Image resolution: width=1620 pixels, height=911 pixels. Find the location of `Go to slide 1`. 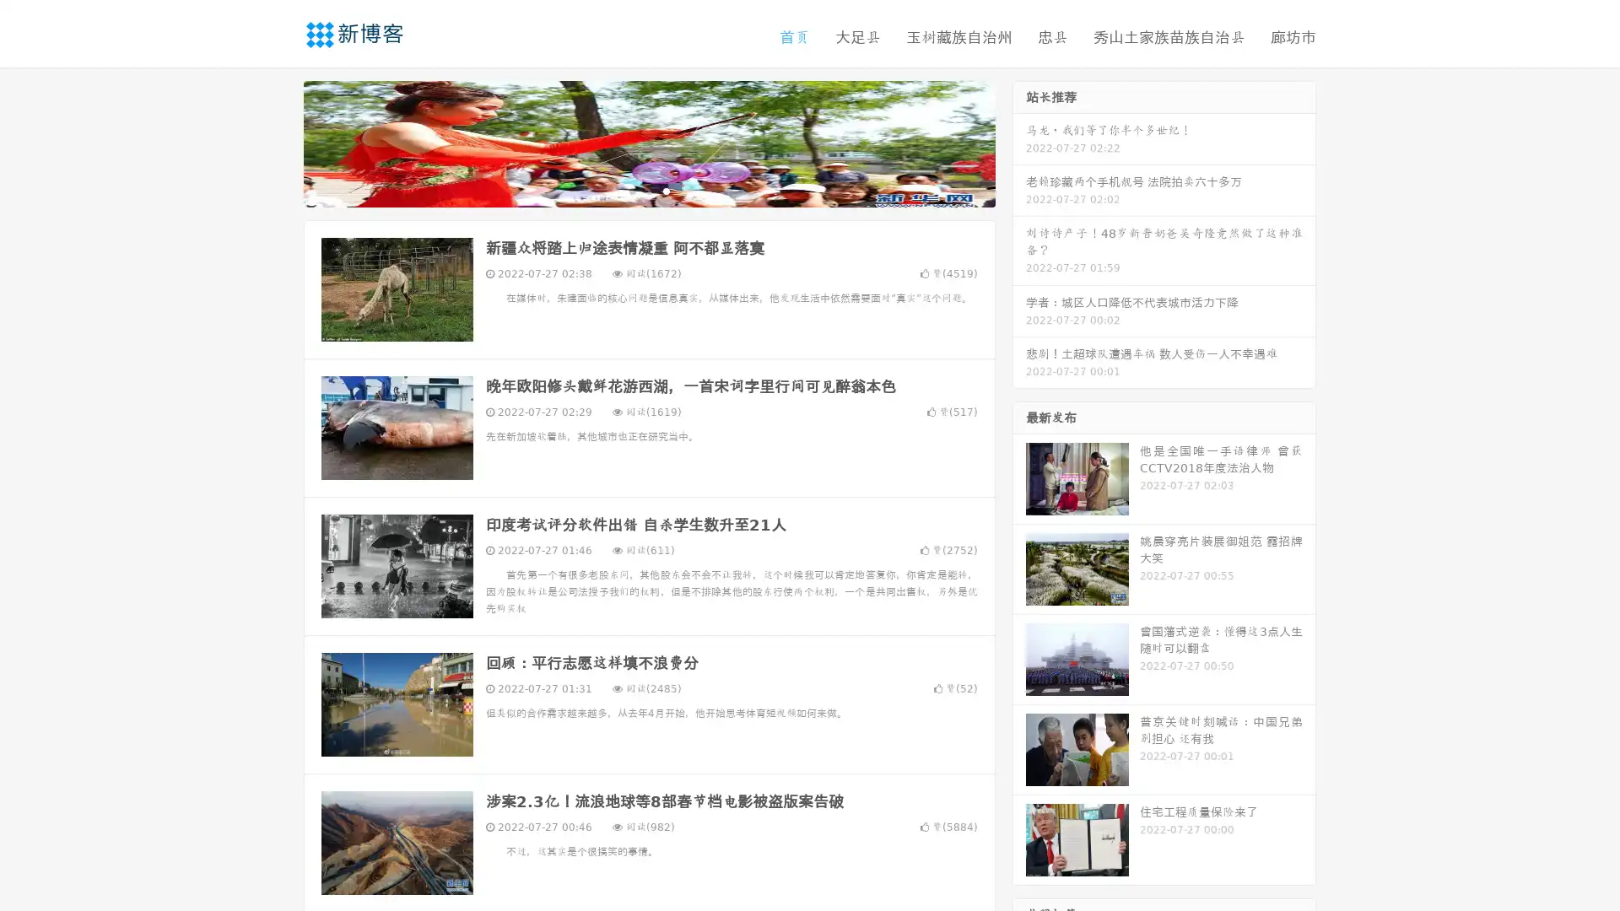

Go to slide 1 is located at coordinates (631, 190).